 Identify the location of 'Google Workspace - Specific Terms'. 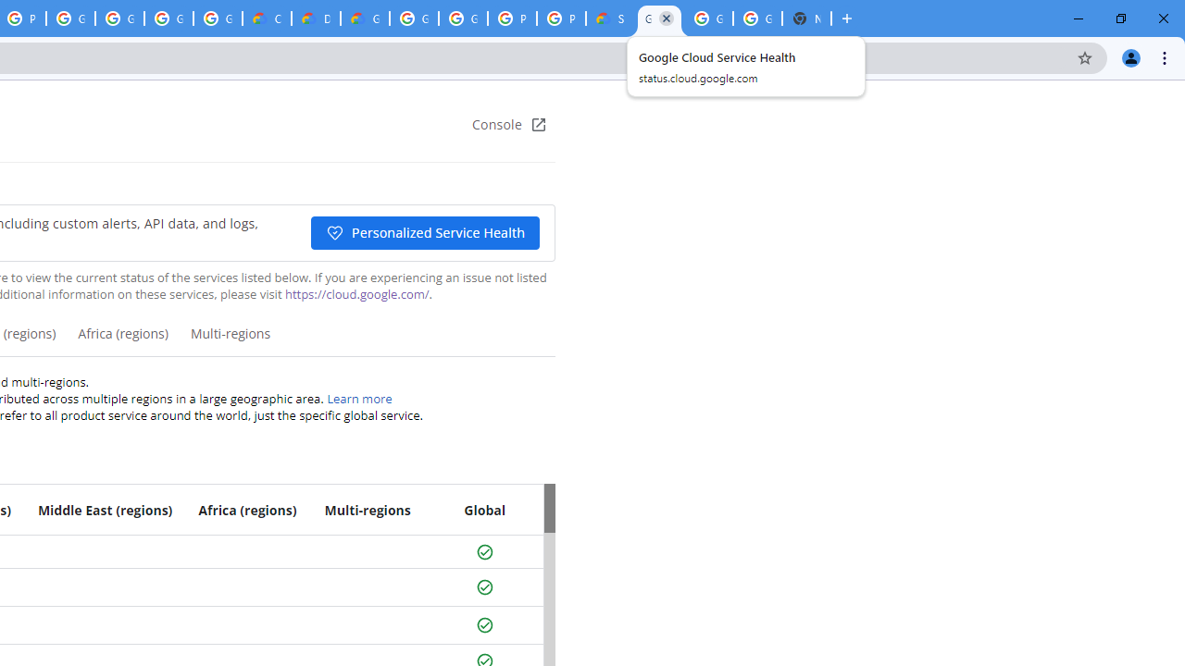
(168, 18).